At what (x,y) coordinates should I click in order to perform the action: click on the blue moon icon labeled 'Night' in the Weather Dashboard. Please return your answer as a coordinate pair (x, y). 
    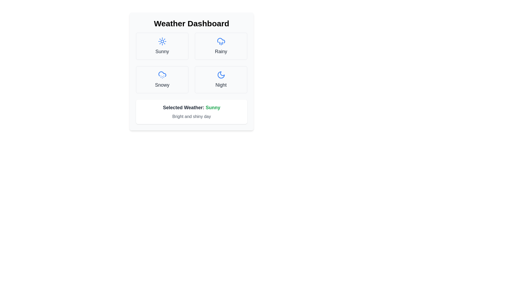
    Looking at the image, I should click on (221, 75).